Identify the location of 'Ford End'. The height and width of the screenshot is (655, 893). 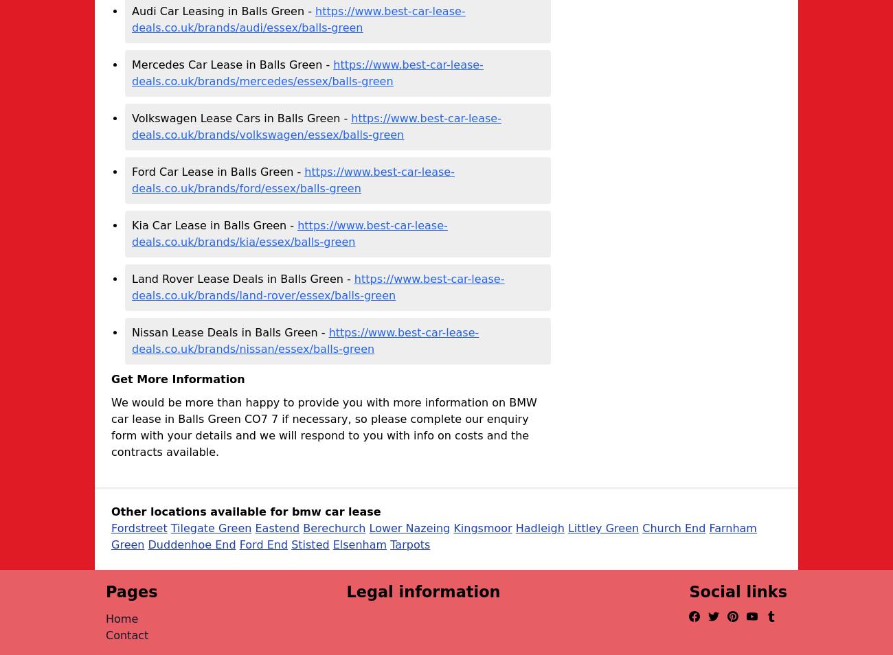
(263, 544).